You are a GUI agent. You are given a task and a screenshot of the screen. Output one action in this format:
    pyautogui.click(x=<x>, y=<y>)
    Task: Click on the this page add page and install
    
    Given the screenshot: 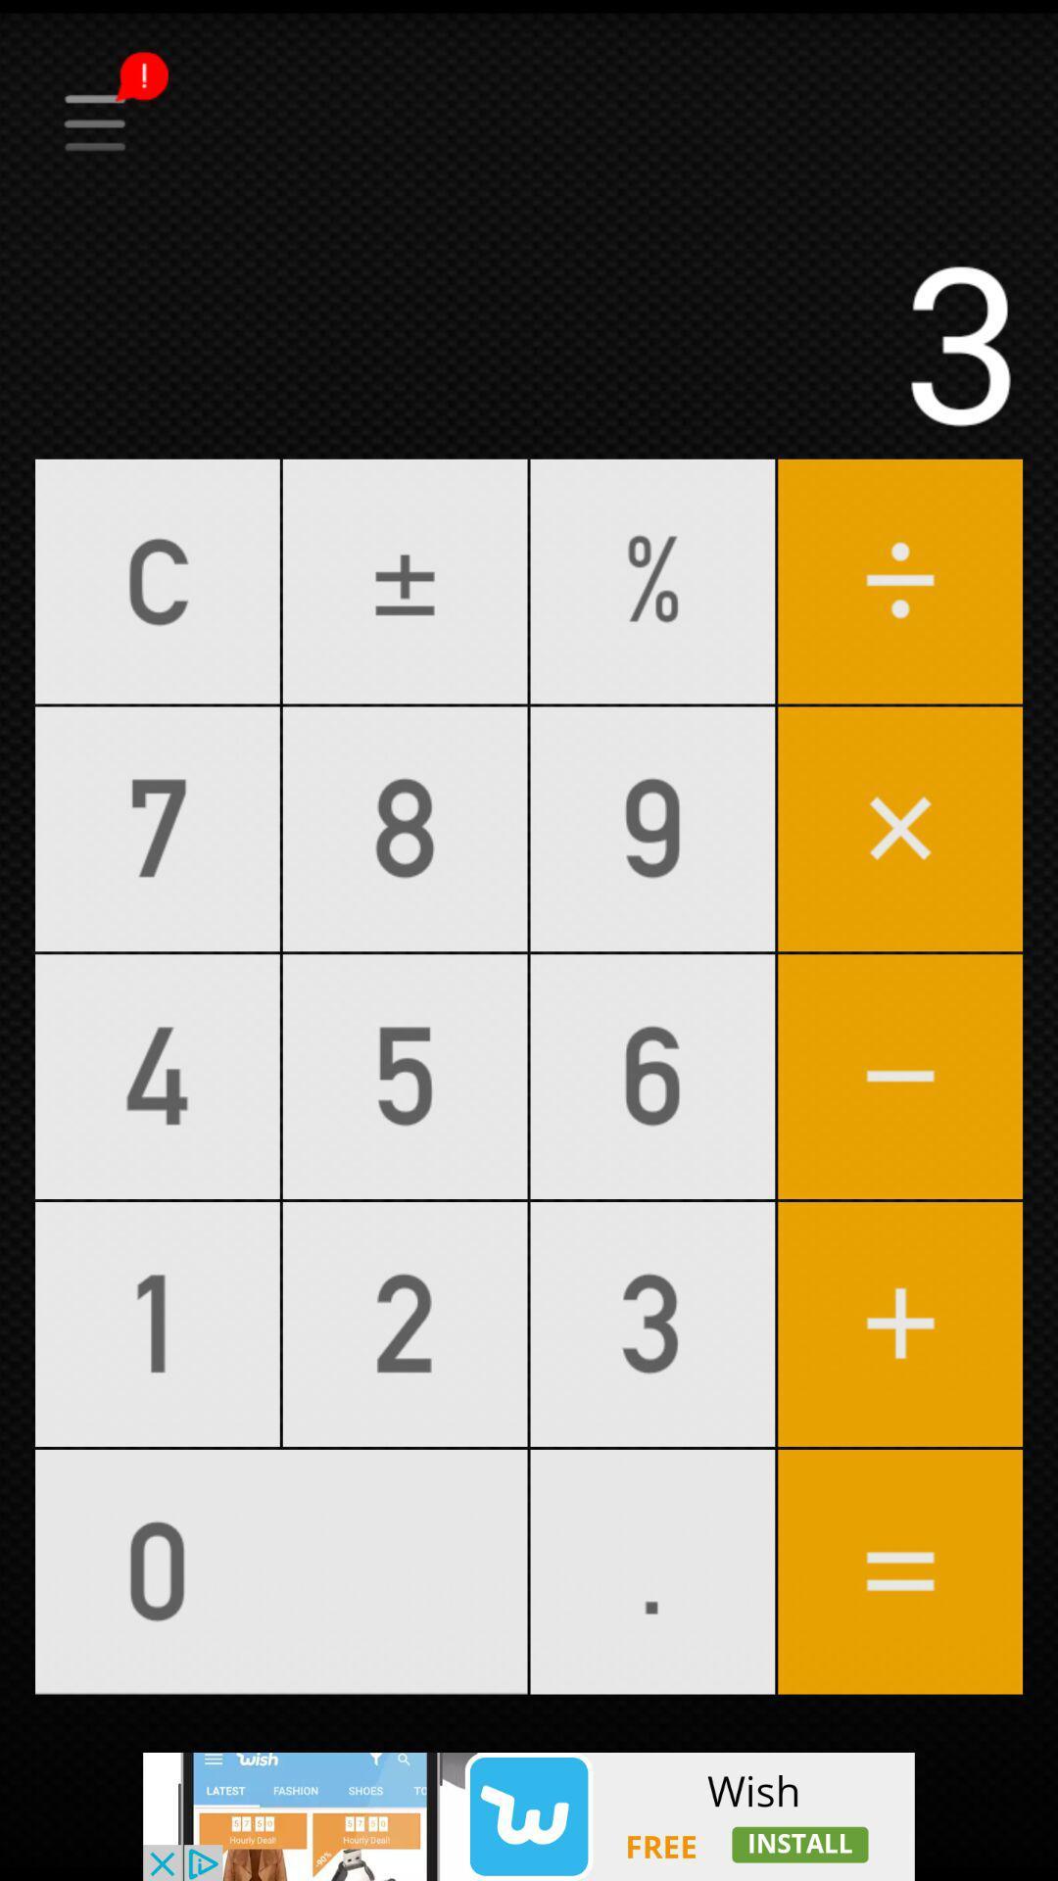 What is the action you would take?
    pyautogui.click(x=529, y=1815)
    